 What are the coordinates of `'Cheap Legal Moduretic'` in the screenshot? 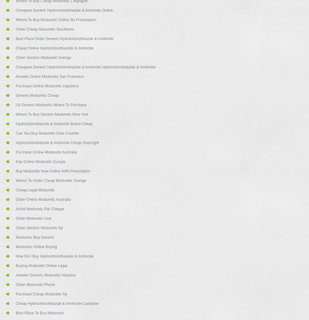 It's located at (35, 190).